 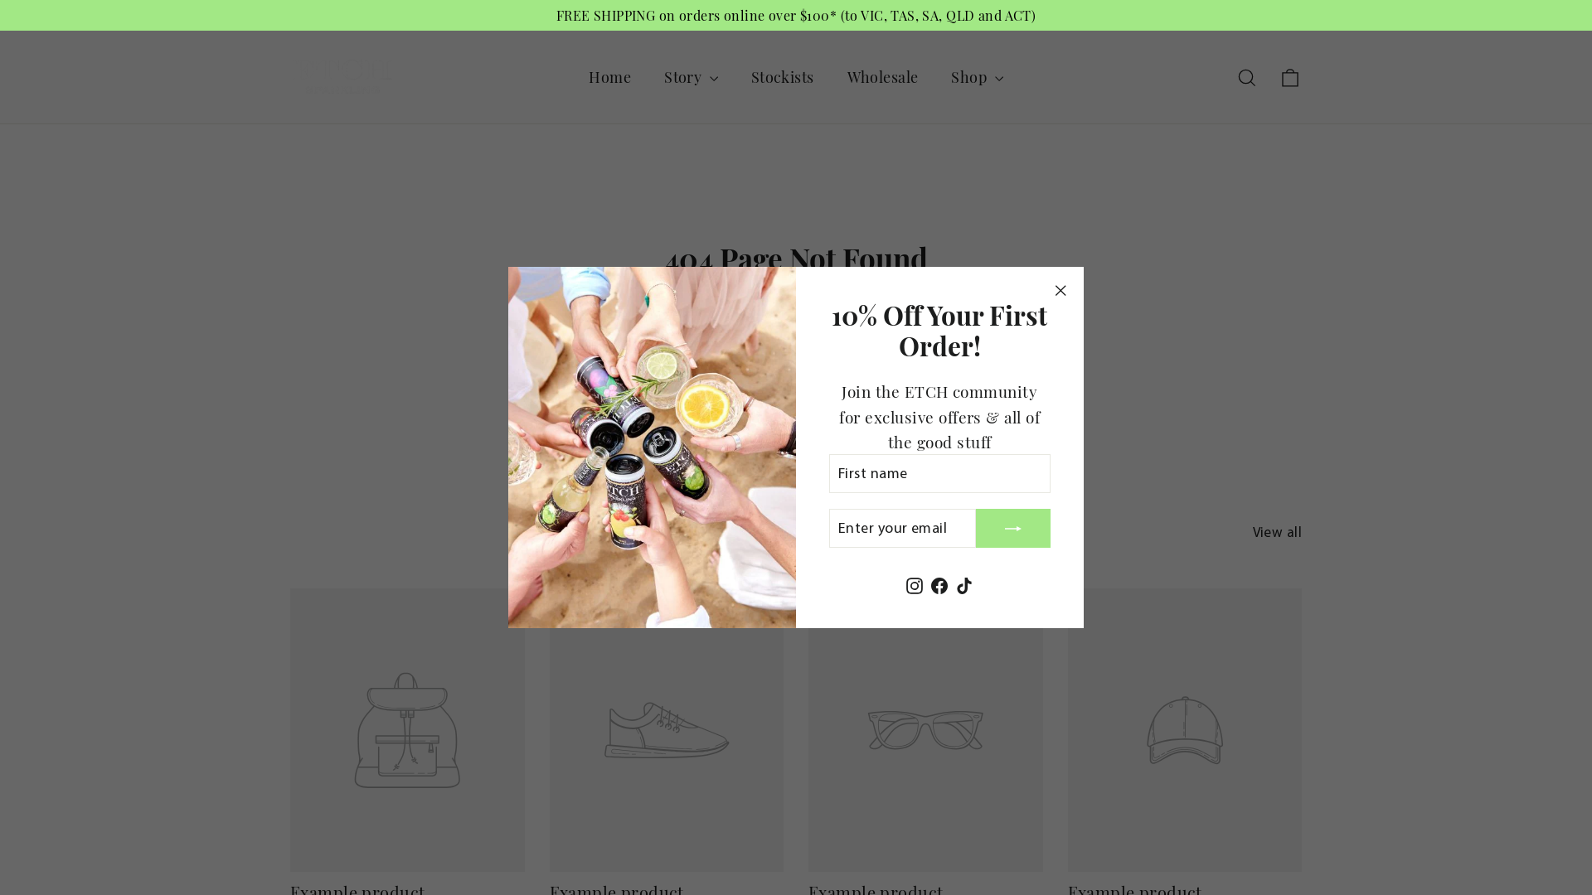 What do you see at coordinates (963, 583) in the screenshot?
I see `'TikTok'` at bounding box center [963, 583].